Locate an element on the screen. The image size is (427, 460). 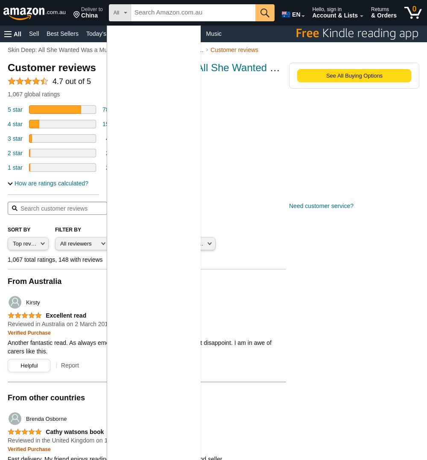
'by' is located at coordinates (146, 79).